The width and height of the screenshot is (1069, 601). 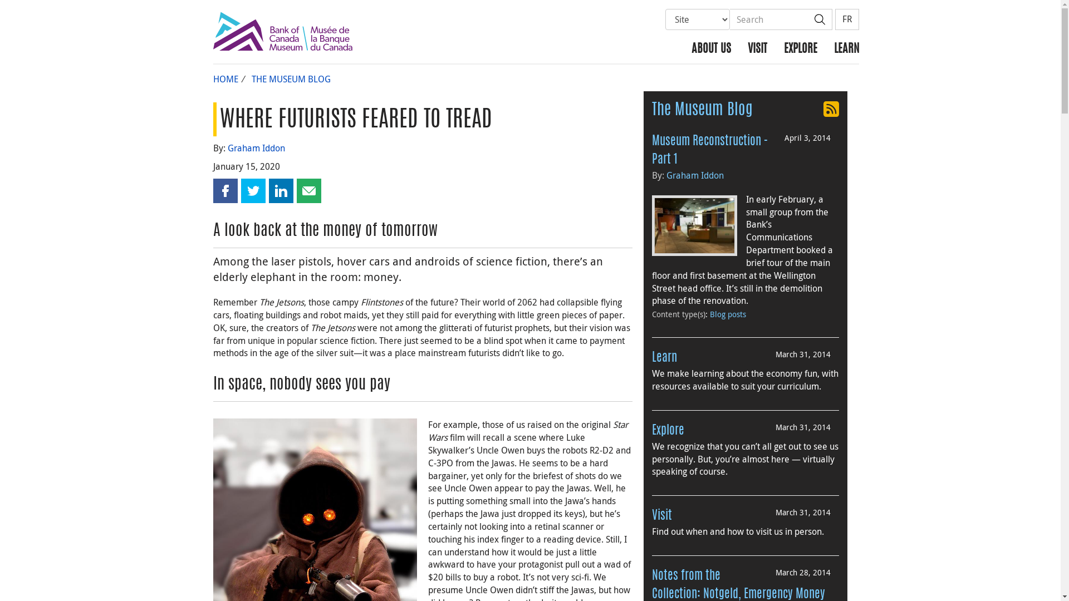 I want to click on 'FR', so click(x=846, y=19).